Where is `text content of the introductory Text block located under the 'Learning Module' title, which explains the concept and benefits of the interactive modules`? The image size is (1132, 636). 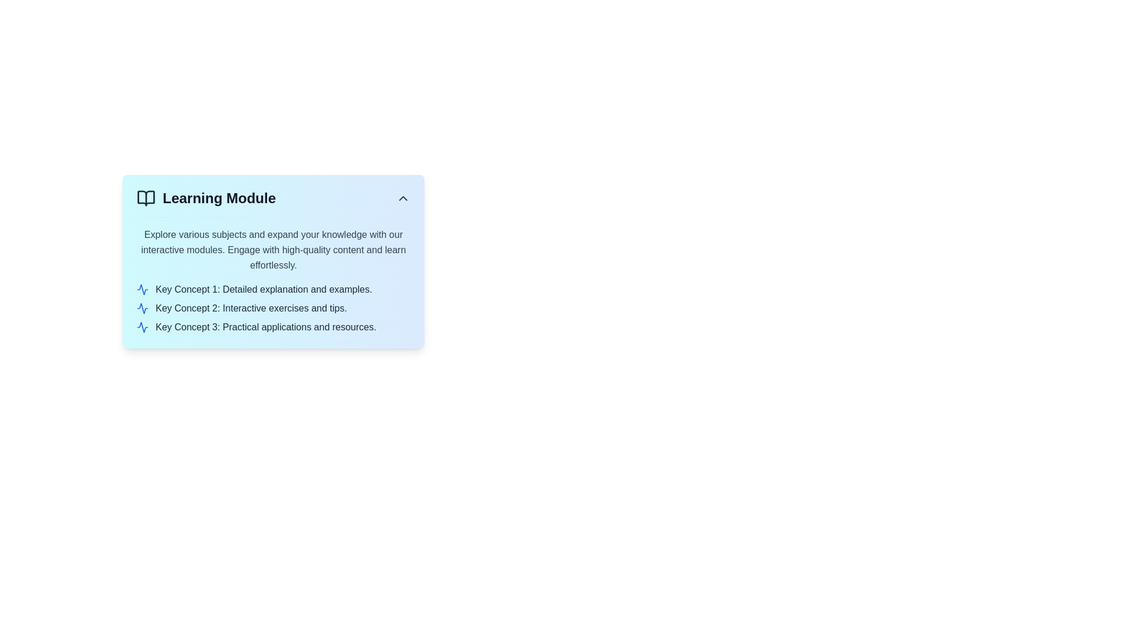 text content of the introductory Text block located under the 'Learning Module' title, which explains the concept and benefits of the interactive modules is located at coordinates (273, 249).